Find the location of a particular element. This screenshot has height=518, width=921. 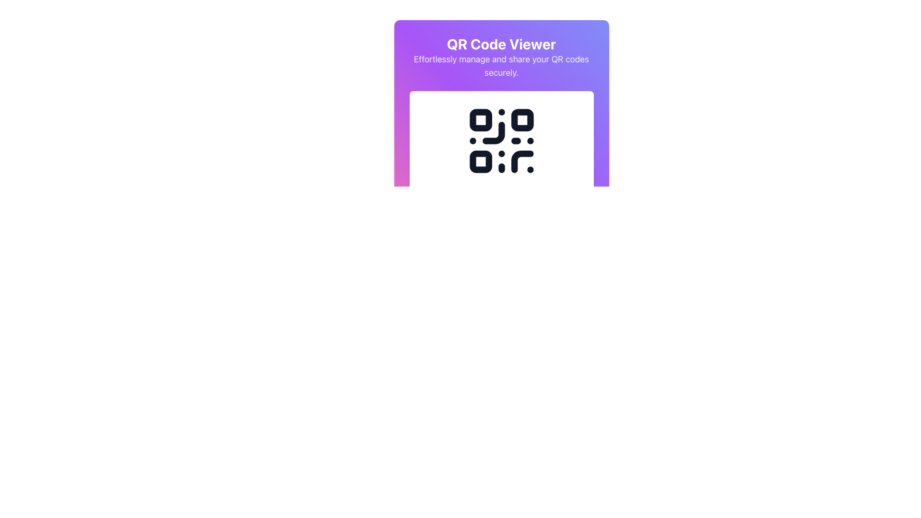

the QR Code Display element, which represents a QR code for scanning or sharing information, located centrally within the interface is located at coordinates (501, 138).